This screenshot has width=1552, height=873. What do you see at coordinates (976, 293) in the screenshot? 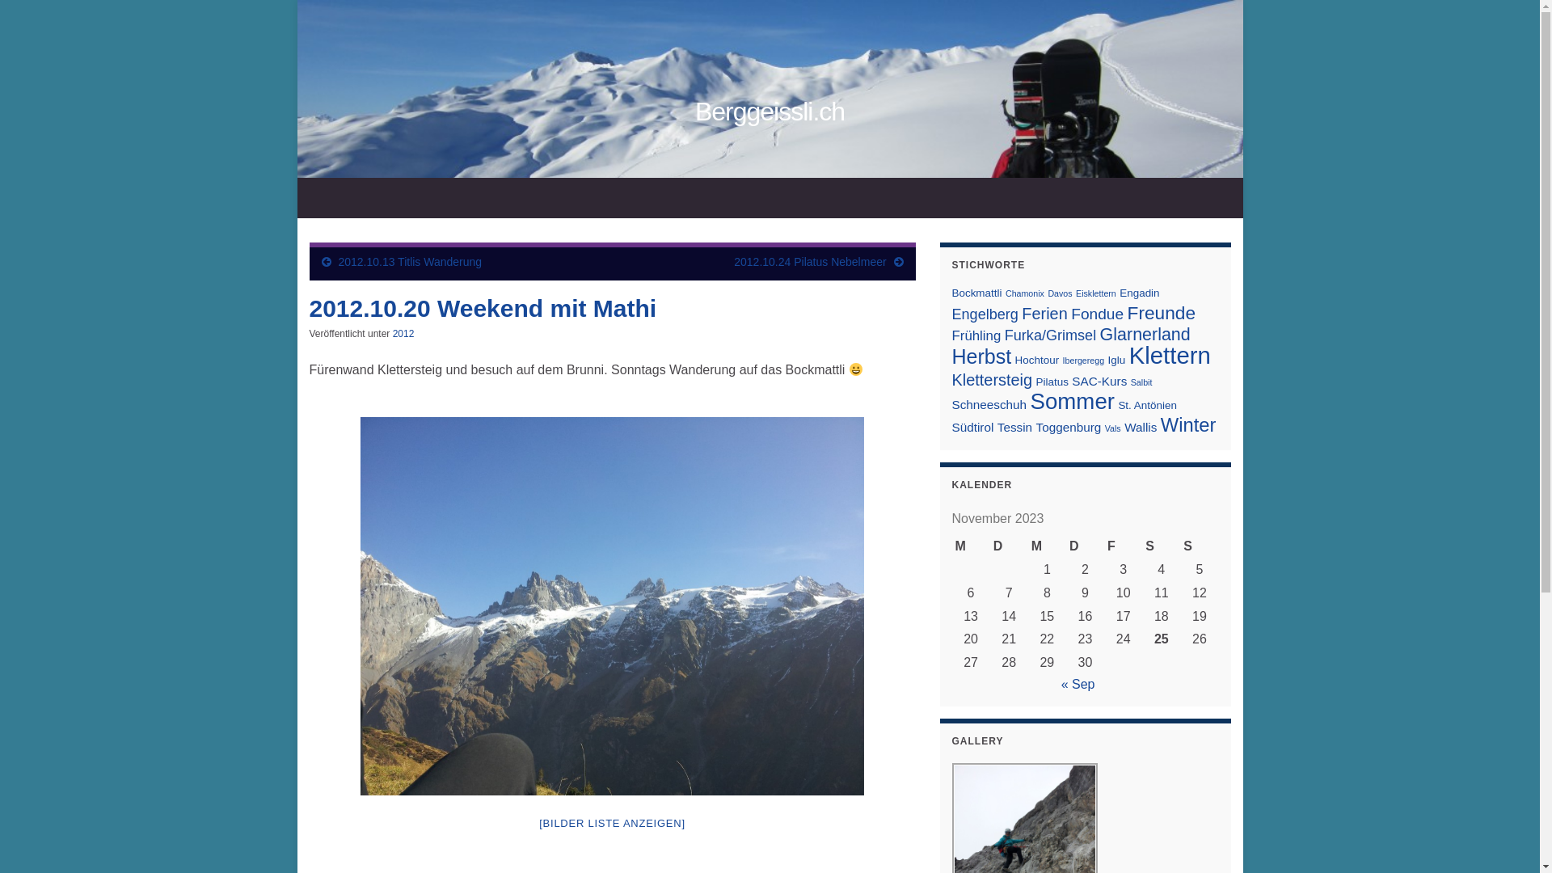
I see `'Bockmattli'` at bounding box center [976, 293].